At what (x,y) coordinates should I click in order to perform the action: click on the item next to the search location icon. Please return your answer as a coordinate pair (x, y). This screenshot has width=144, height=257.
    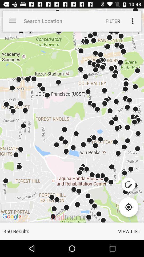
    Looking at the image, I should click on (113, 21).